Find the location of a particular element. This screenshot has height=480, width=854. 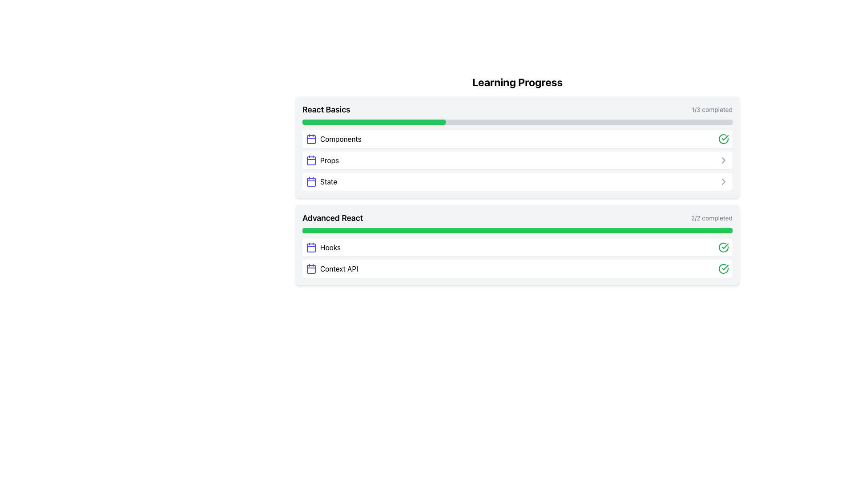

the calendar icon with a purple outline located next to the 'Hooks' text in the 'Advanced React' section is located at coordinates (311, 247).